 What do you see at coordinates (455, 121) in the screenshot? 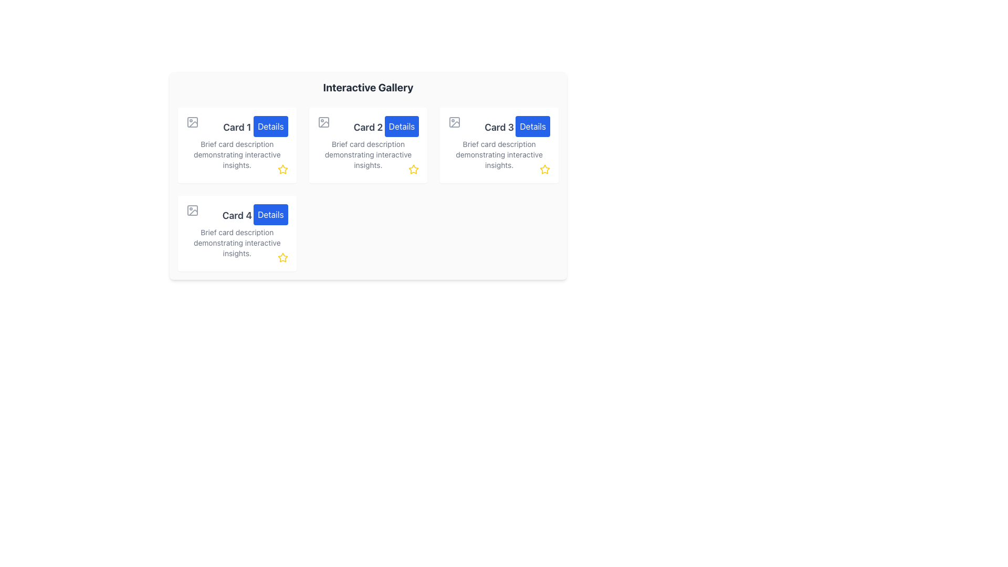
I see `the icon graphical representation located in the top-left corner of 'Card 3' within the gallery layout` at bounding box center [455, 121].